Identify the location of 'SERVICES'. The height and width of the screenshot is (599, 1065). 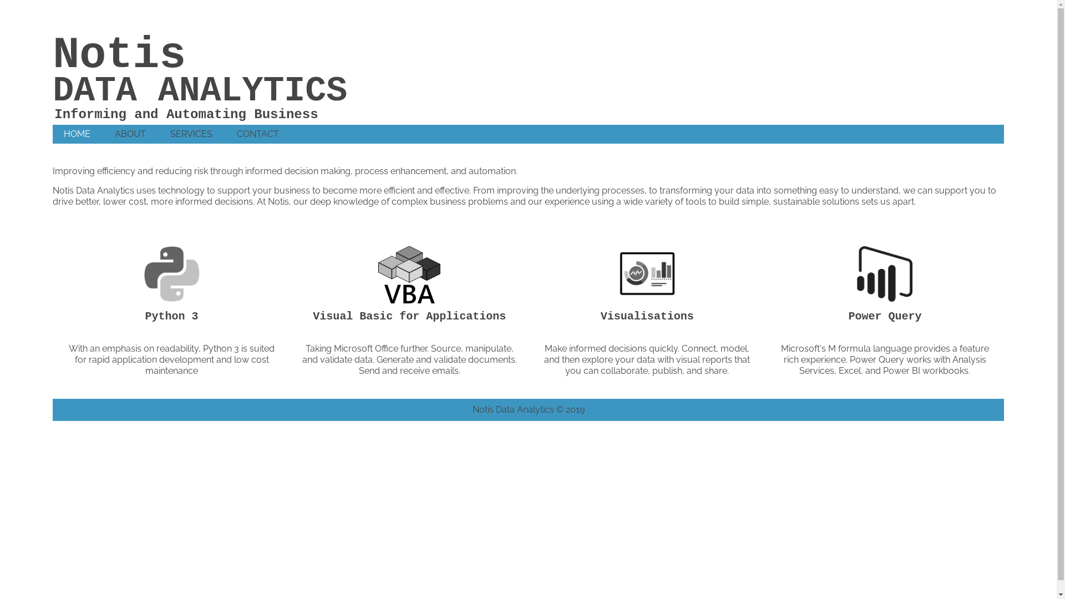
(191, 133).